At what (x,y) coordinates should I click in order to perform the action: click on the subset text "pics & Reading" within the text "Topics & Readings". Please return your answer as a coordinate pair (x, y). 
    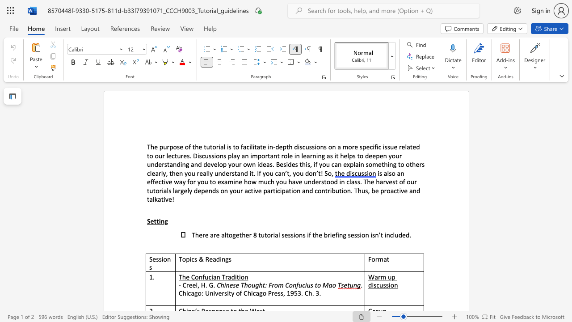
    Looking at the image, I should click on (185, 259).